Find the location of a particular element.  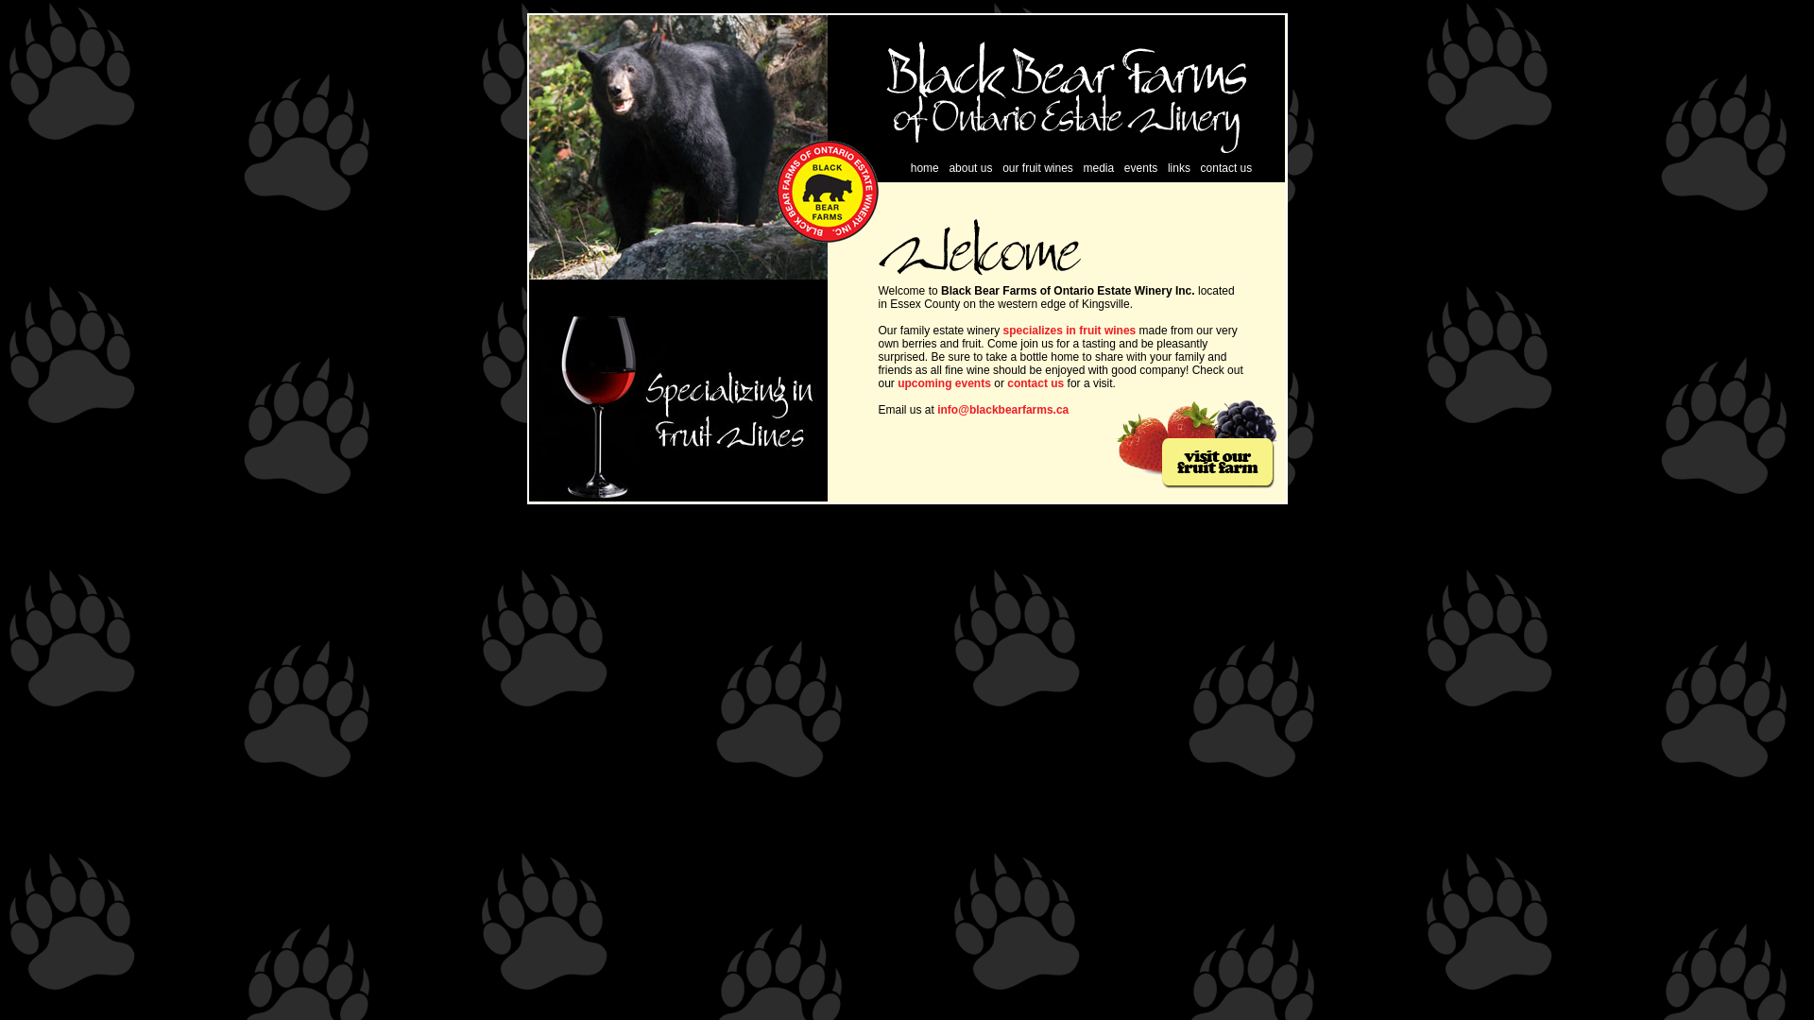

'contact us' is located at coordinates (1034, 382).